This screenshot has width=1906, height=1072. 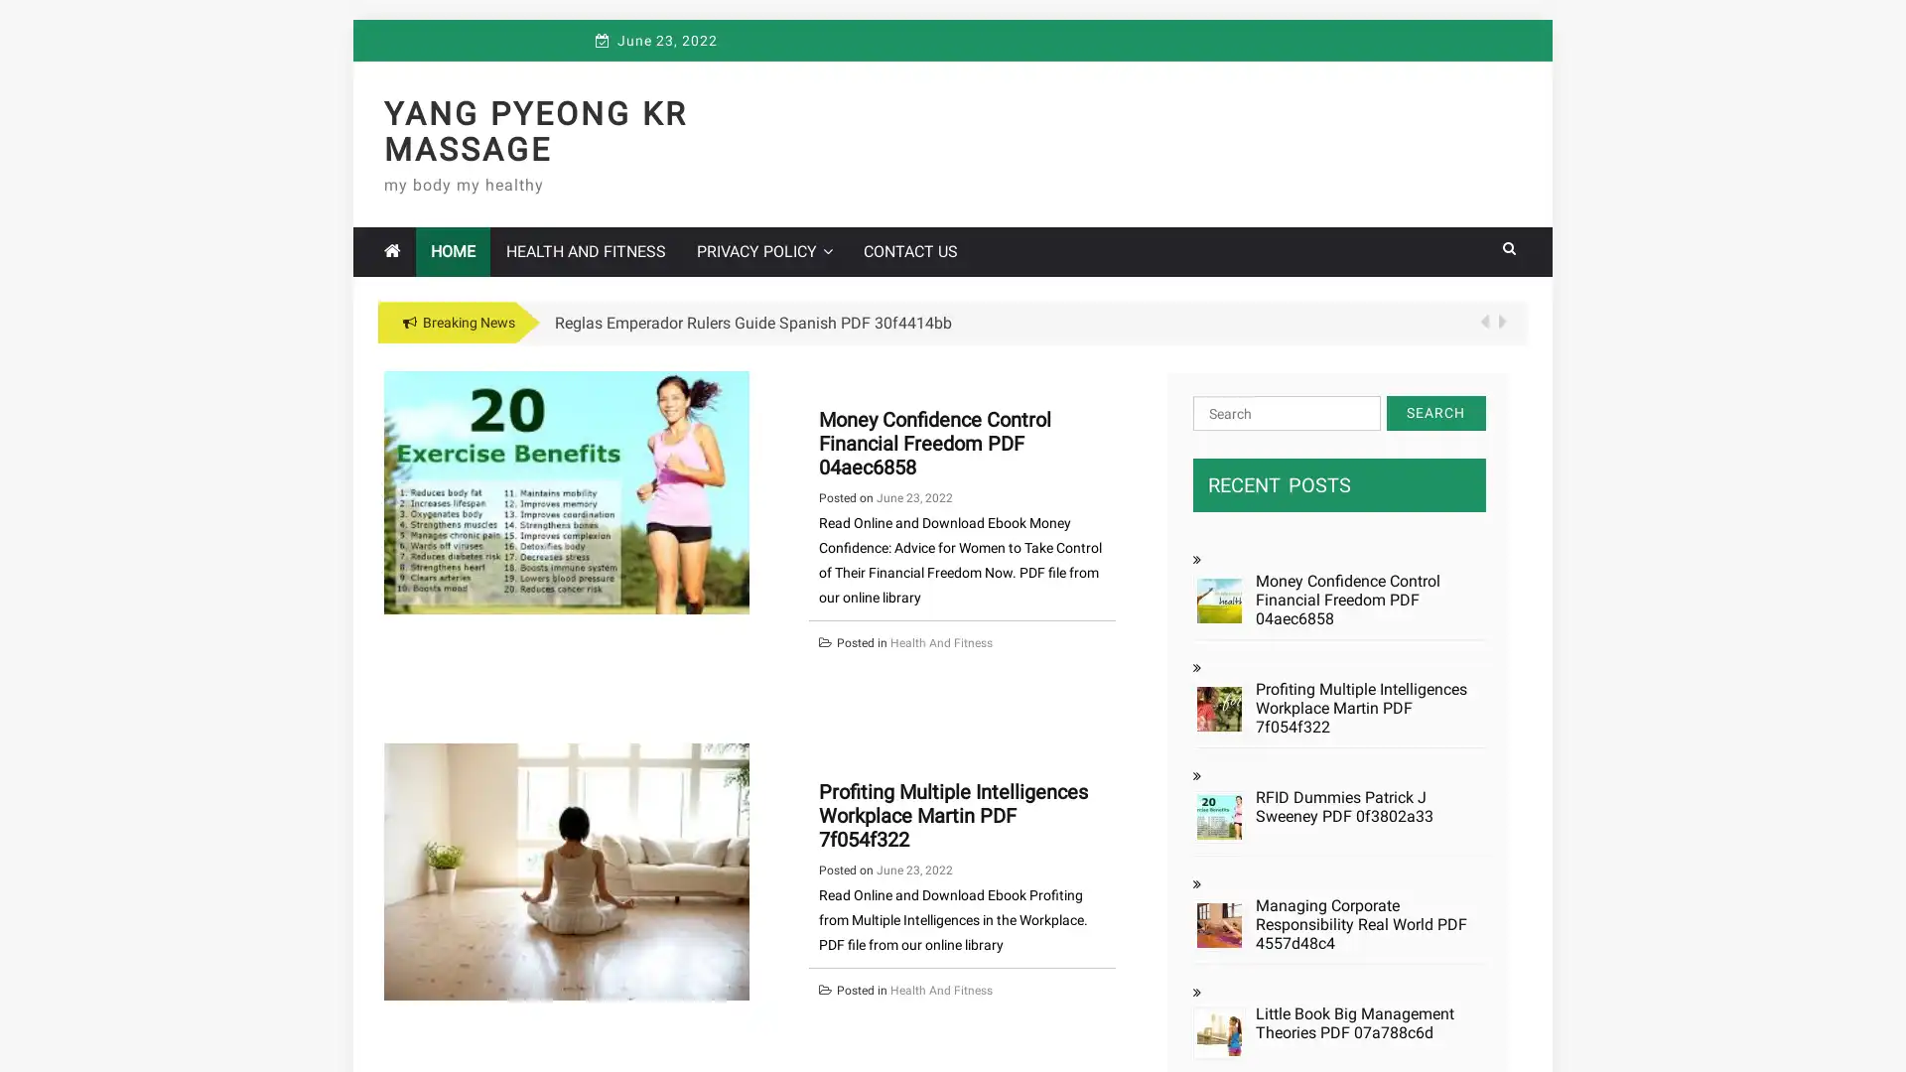 What do you see at coordinates (1434, 412) in the screenshot?
I see `Search` at bounding box center [1434, 412].